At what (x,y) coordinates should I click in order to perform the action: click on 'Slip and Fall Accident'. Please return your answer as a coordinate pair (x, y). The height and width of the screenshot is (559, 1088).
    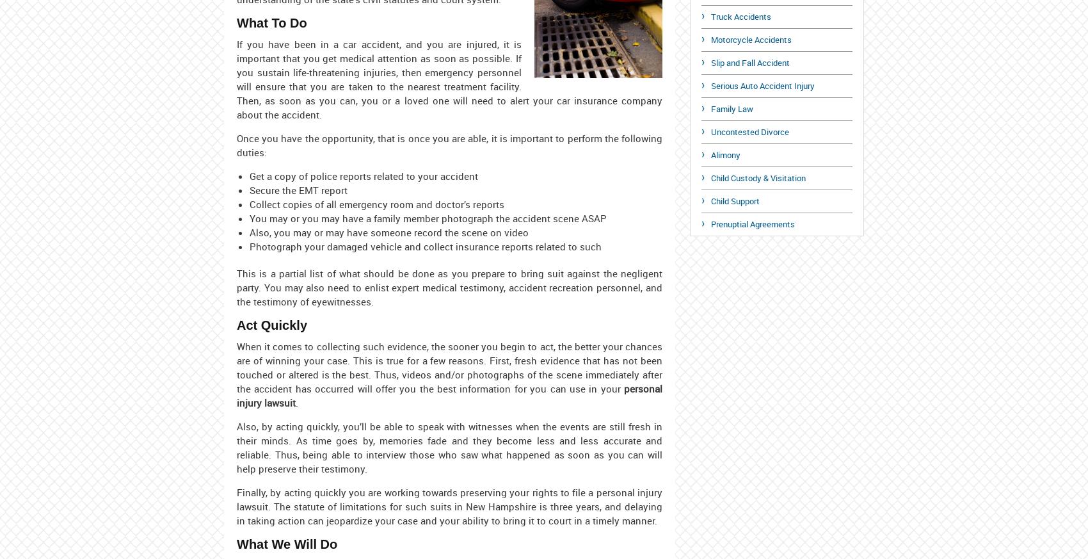
    Looking at the image, I should click on (749, 63).